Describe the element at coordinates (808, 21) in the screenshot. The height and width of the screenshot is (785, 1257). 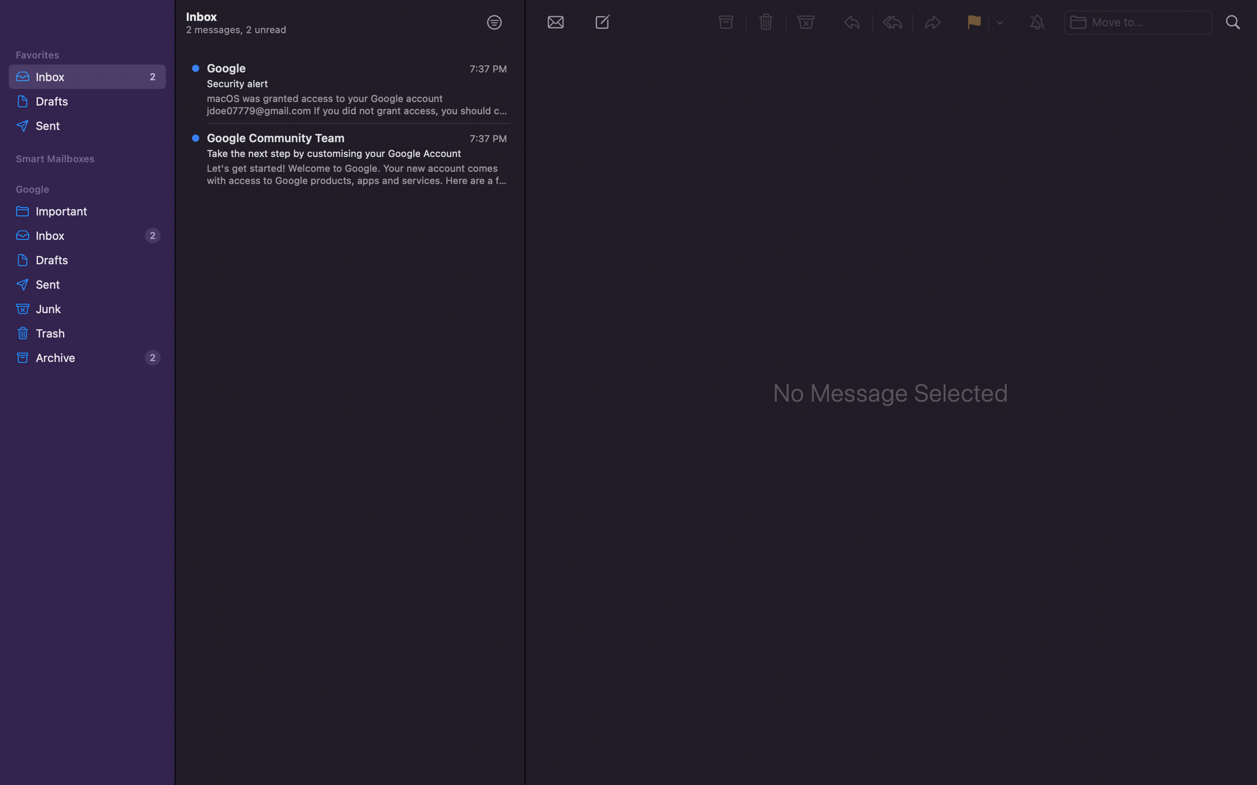
I see `Shift the picked mail to the spam section` at that location.